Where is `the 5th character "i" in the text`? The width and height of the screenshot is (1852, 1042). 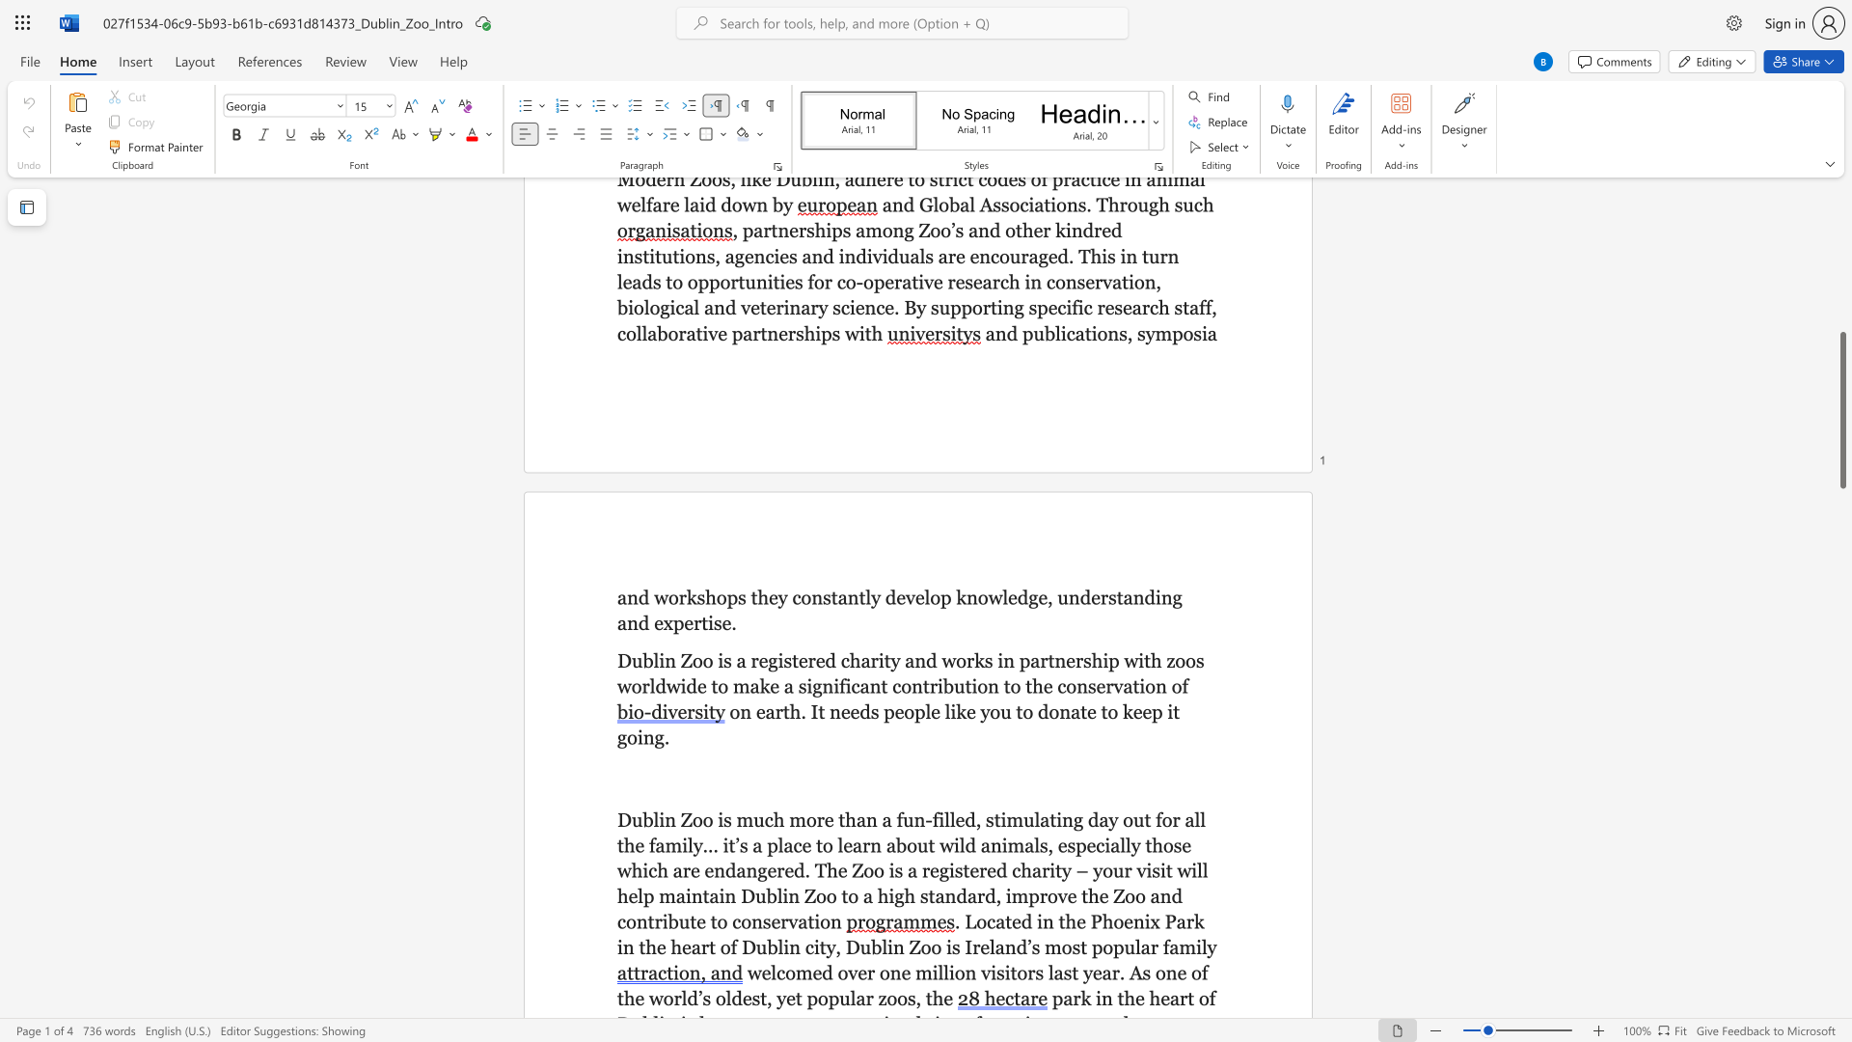 the 5th character "i" in the text is located at coordinates (1058, 819).